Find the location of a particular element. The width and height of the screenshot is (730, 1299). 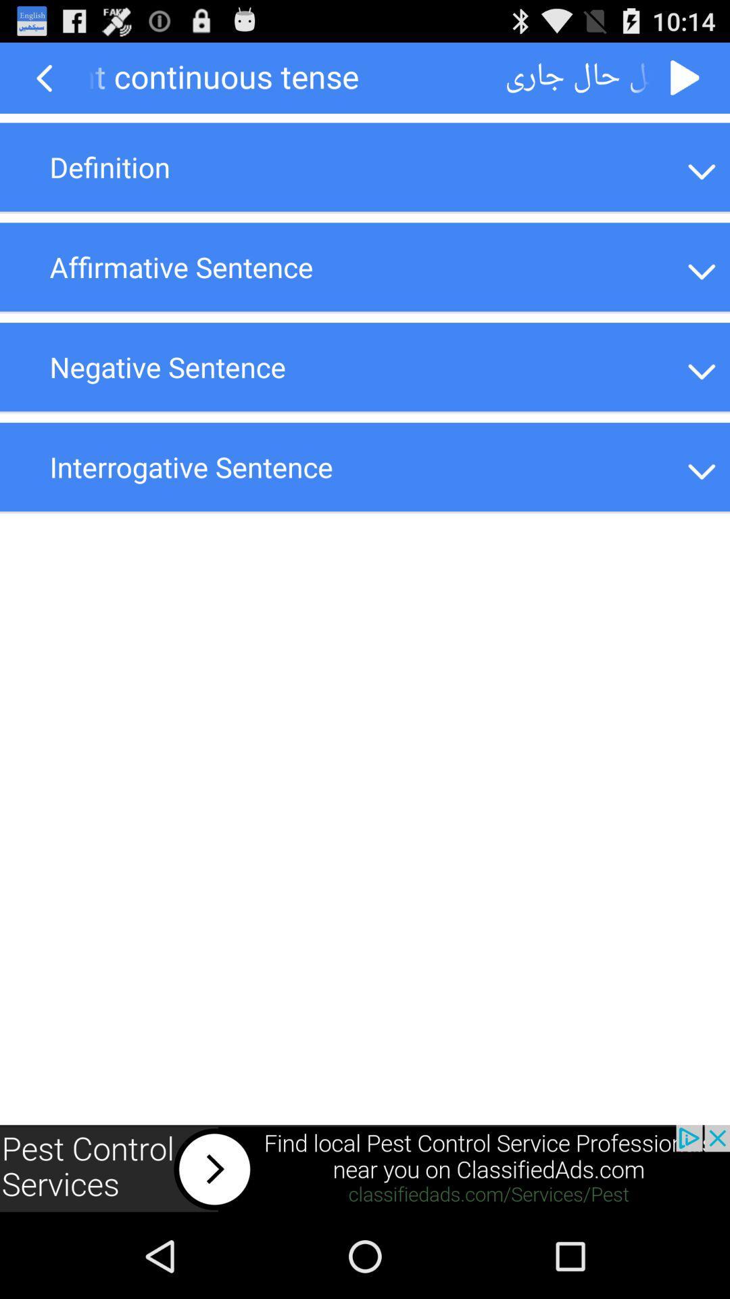

the option is located at coordinates (365, 1168).